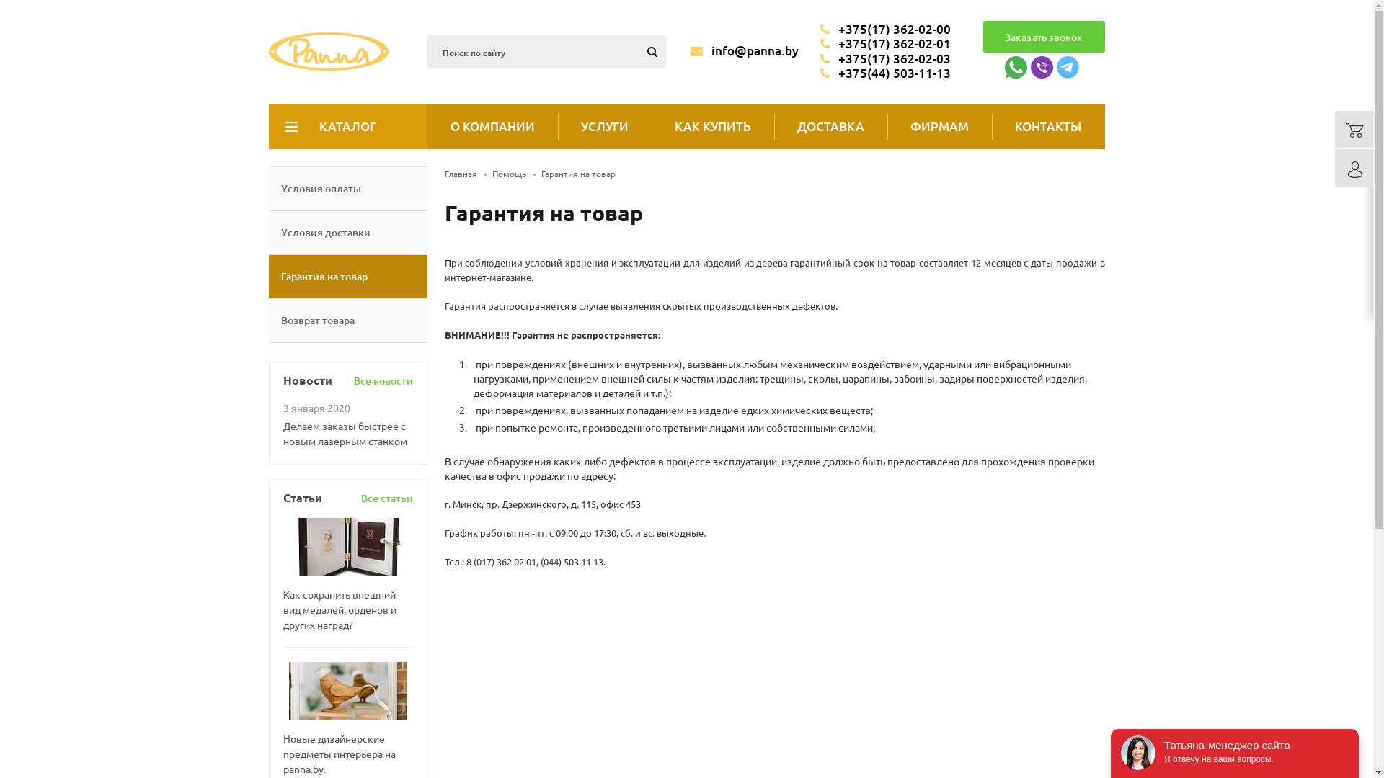 The width and height of the screenshot is (1384, 778). What do you see at coordinates (884, 43) in the screenshot?
I see `'+375(17) 362-02-01'` at bounding box center [884, 43].